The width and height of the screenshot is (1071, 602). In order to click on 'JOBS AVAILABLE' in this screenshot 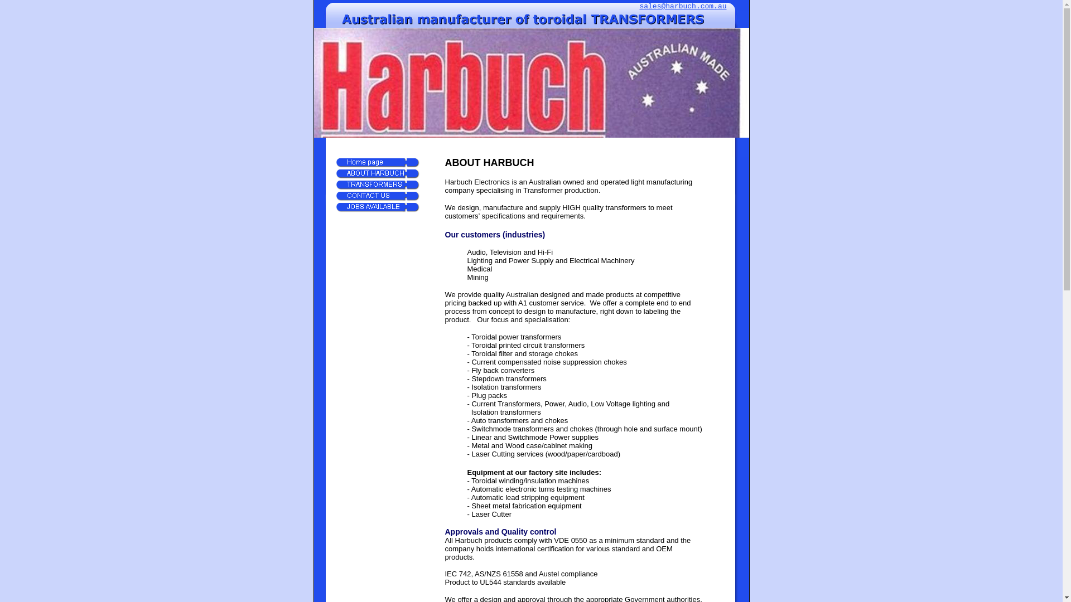, I will do `click(377, 207)`.